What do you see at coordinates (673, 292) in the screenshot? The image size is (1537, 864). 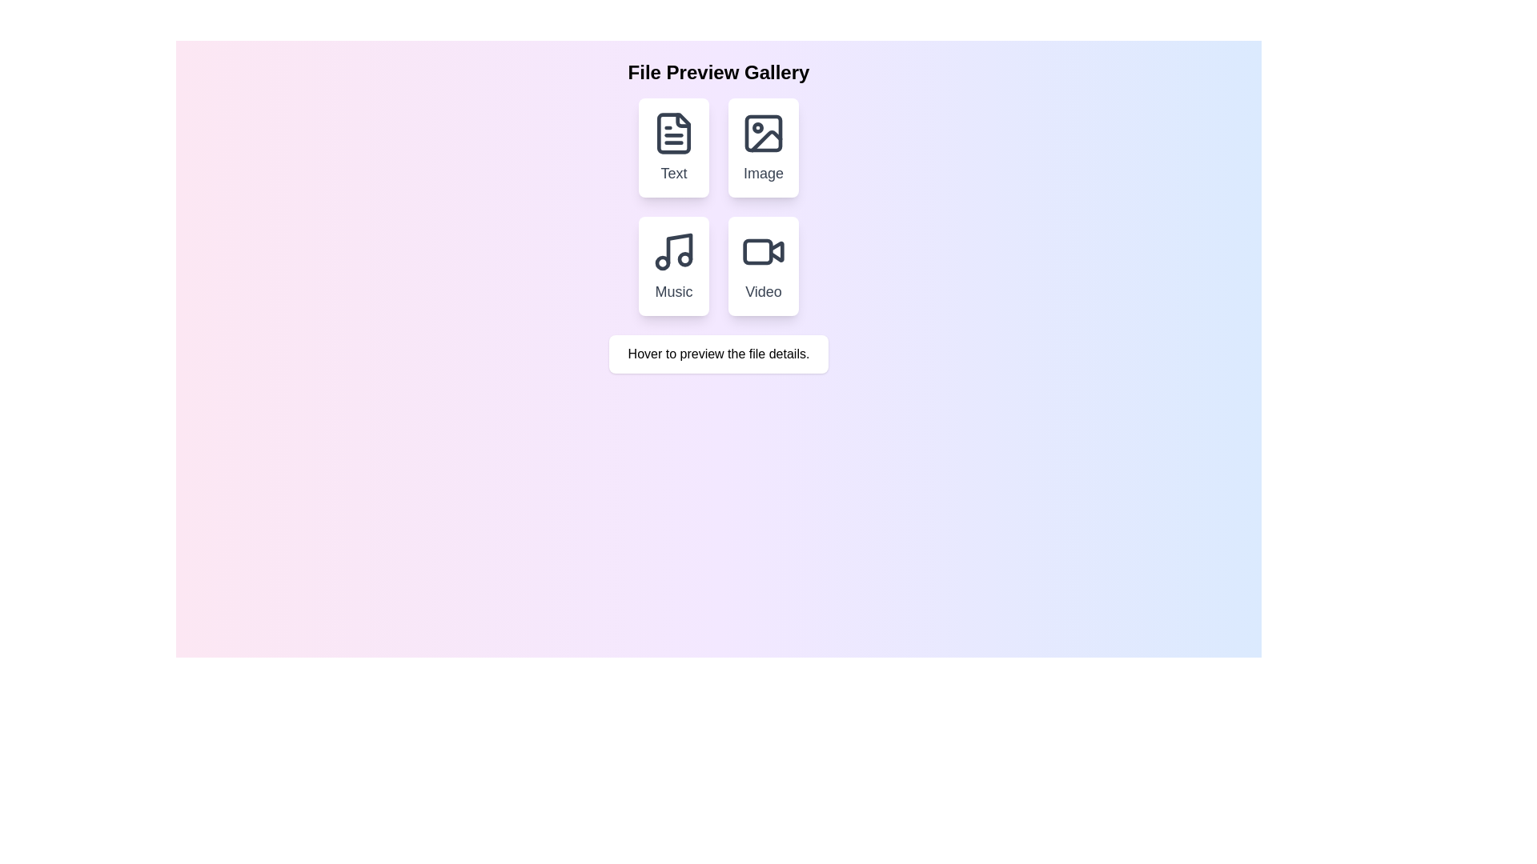 I see `text label displaying 'Music' in dark gray, located in the card titled 'Music' in the bottom row, left column of the grid layout` at bounding box center [673, 292].